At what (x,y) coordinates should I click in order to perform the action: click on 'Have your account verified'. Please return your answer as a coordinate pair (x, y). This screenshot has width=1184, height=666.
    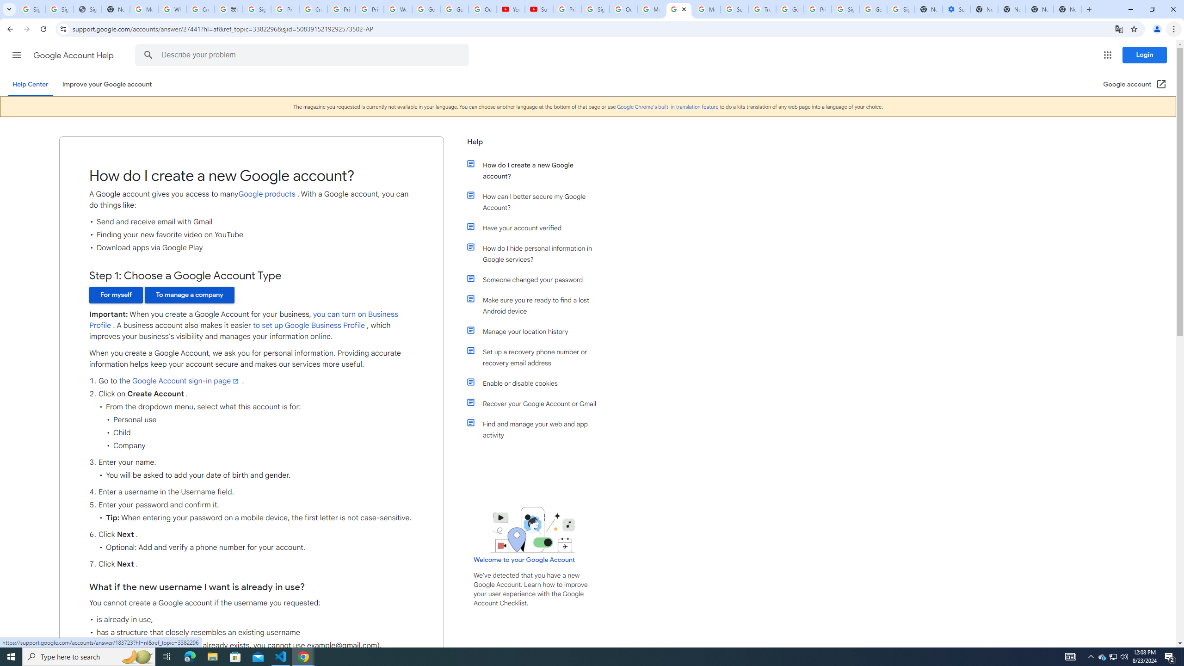
    Looking at the image, I should click on (537, 228).